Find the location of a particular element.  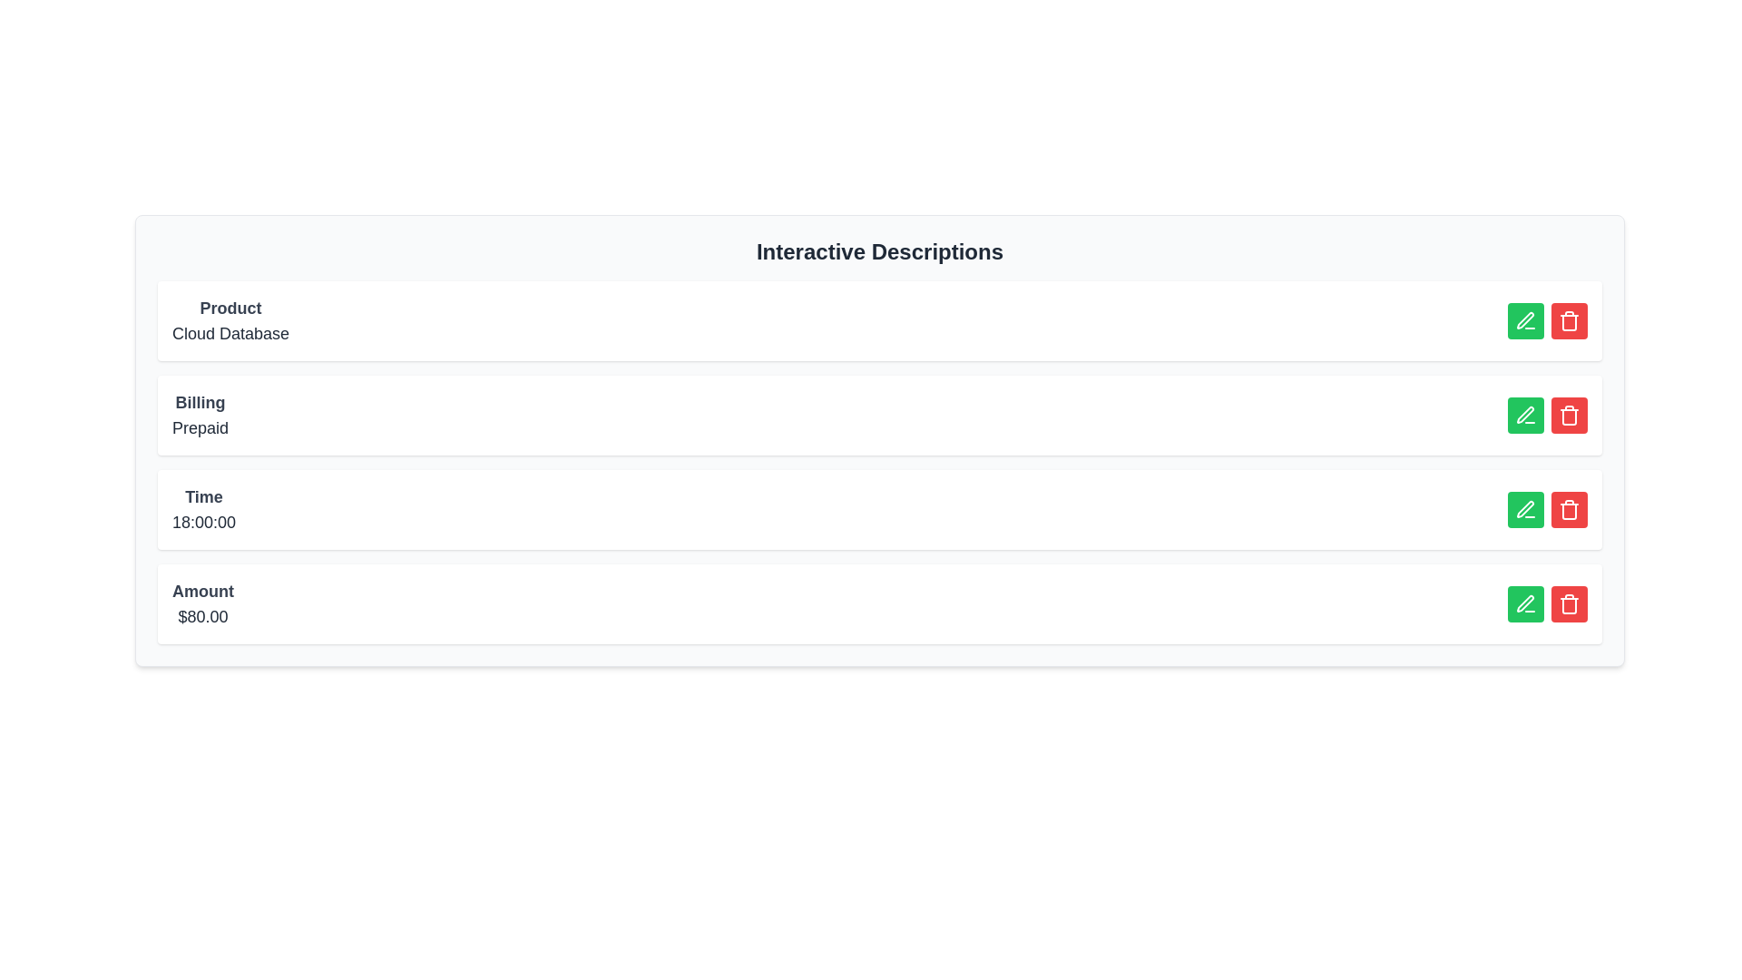

the pen icon located inside the green circular button to the right of the 'Time' field label and value is located at coordinates (1524, 416).